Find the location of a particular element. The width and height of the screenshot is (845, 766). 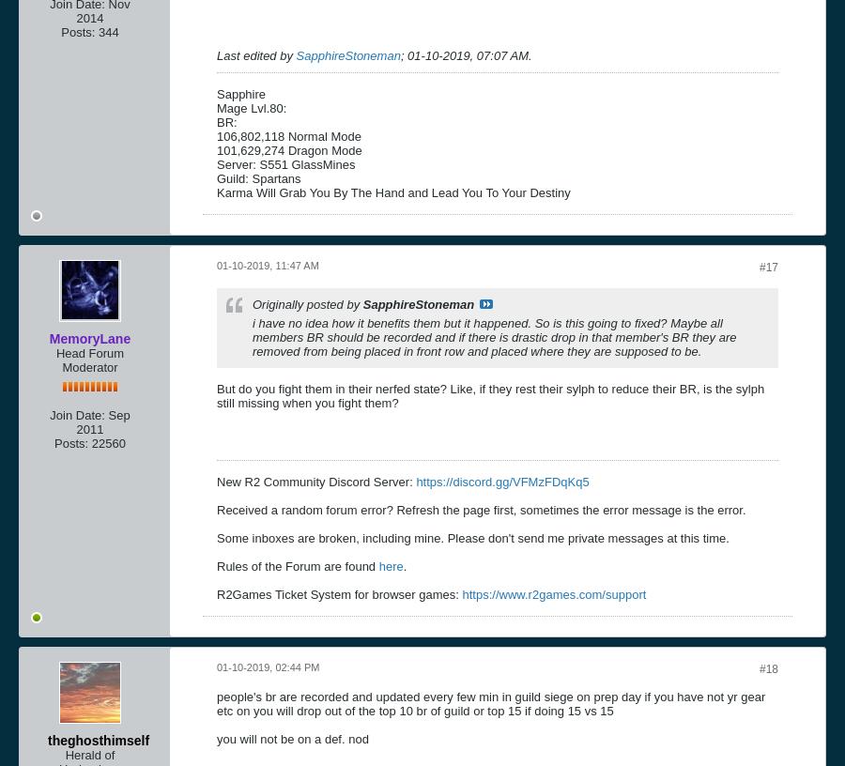

'#18' is located at coordinates (759, 666).